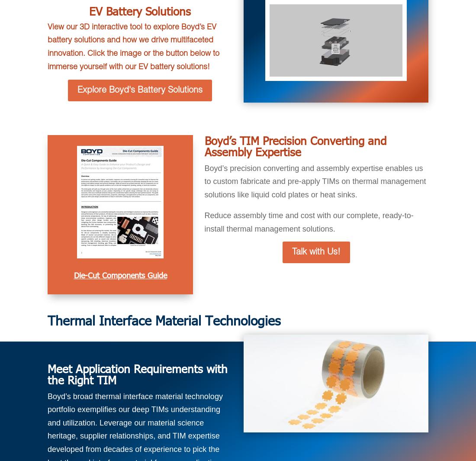 The width and height of the screenshot is (476, 461). Describe the element at coordinates (315, 252) in the screenshot. I see `'Talk with Us!'` at that location.